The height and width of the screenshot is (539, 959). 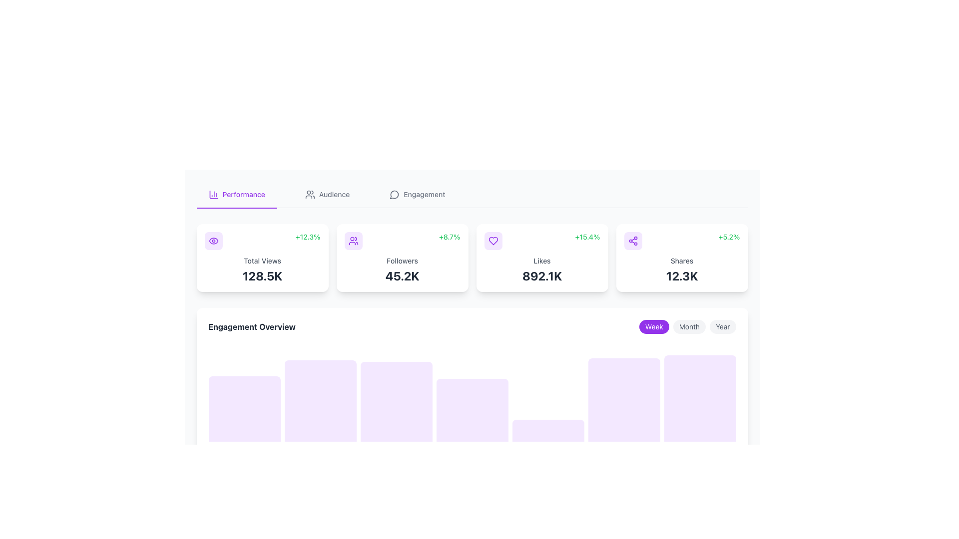 What do you see at coordinates (320, 400) in the screenshot?
I see `the second graphical bar in the Engagement Overview section of the bar chart` at bounding box center [320, 400].